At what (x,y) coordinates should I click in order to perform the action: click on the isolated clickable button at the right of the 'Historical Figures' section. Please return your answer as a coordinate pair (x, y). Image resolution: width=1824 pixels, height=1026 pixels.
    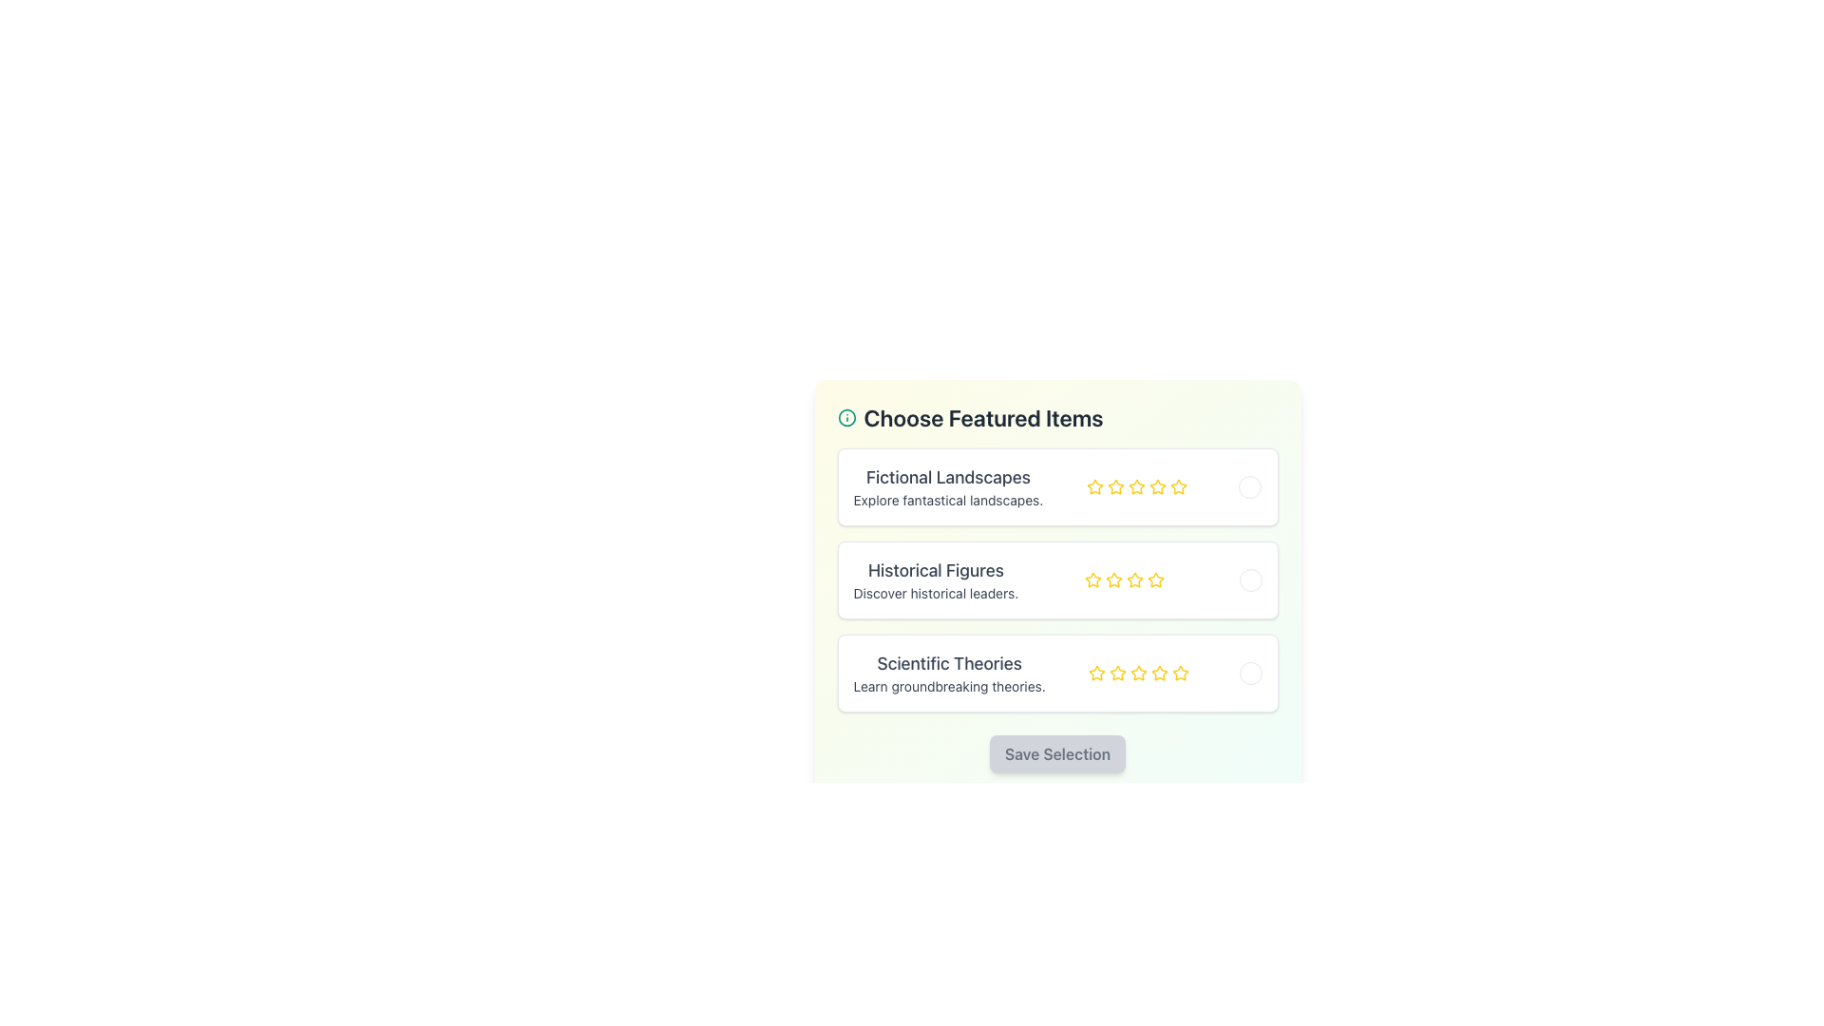
    Looking at the image, I should click on (1250, 579).